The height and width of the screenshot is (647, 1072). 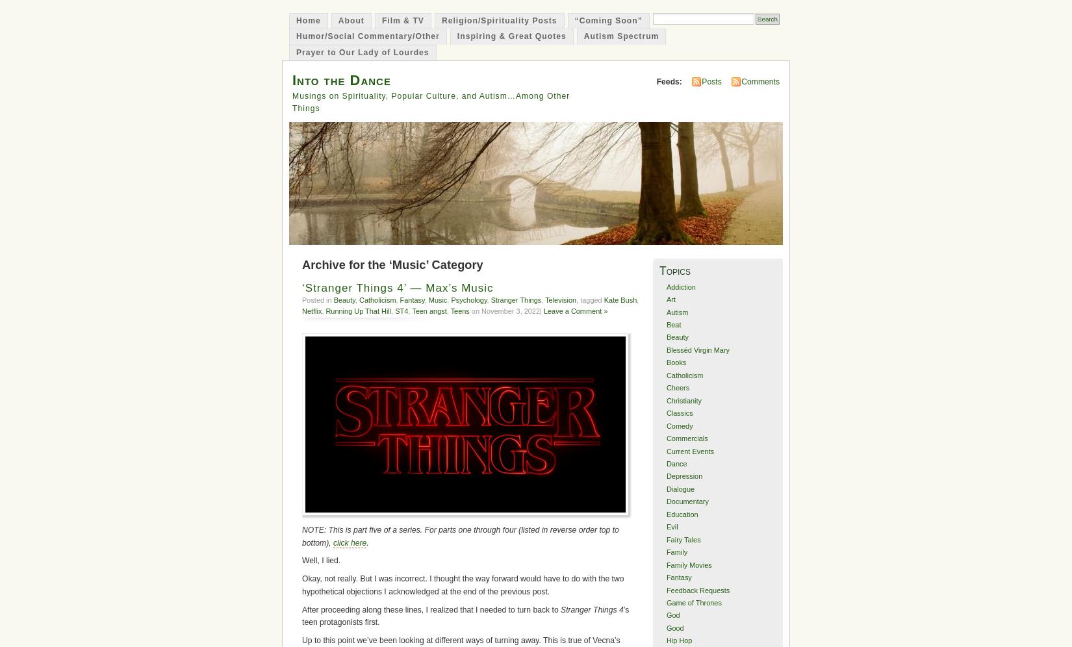 I want to click on 'Comedy', so click(x=679, y=424).